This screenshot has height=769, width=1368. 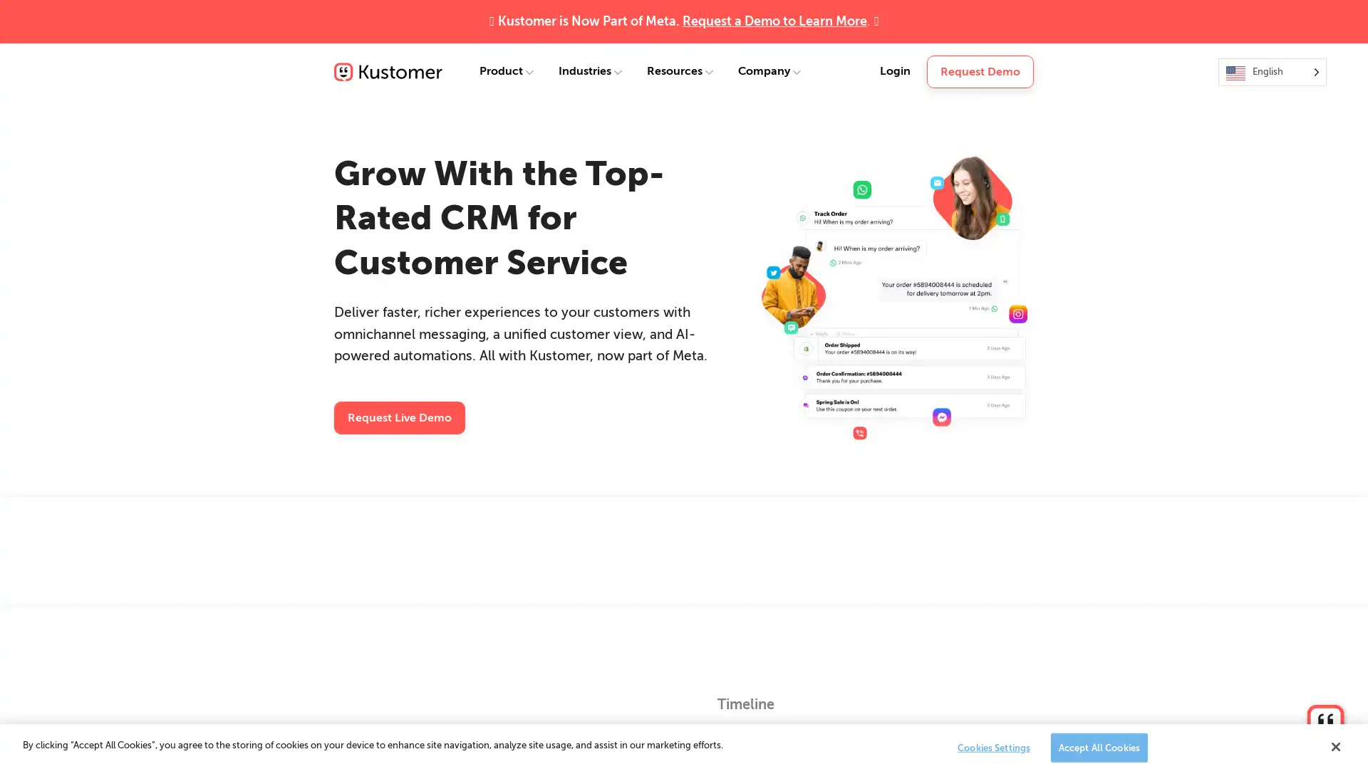 I want to click on Accept All Cookies, so click(x=1098, y=746).